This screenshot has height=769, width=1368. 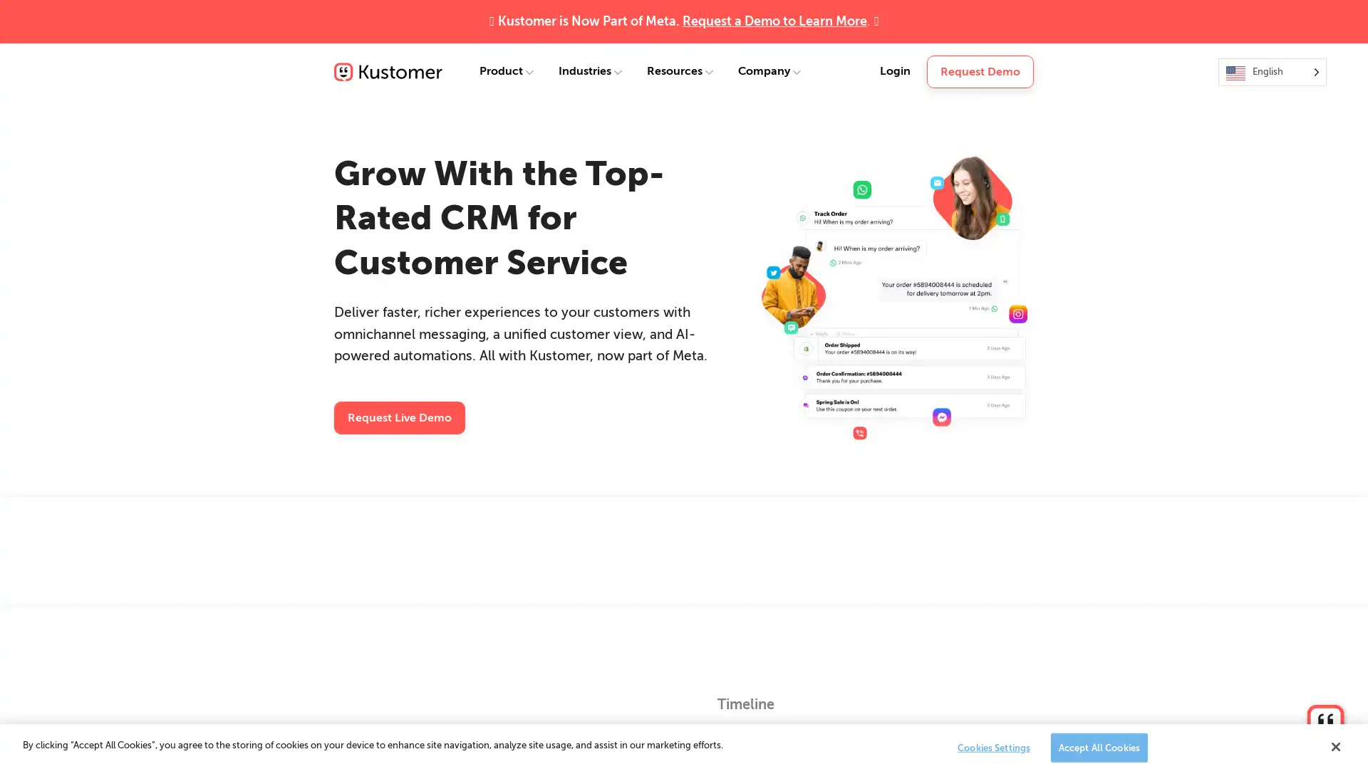 I want to click on Accept All Cookies, so click(x=1098, y=746).